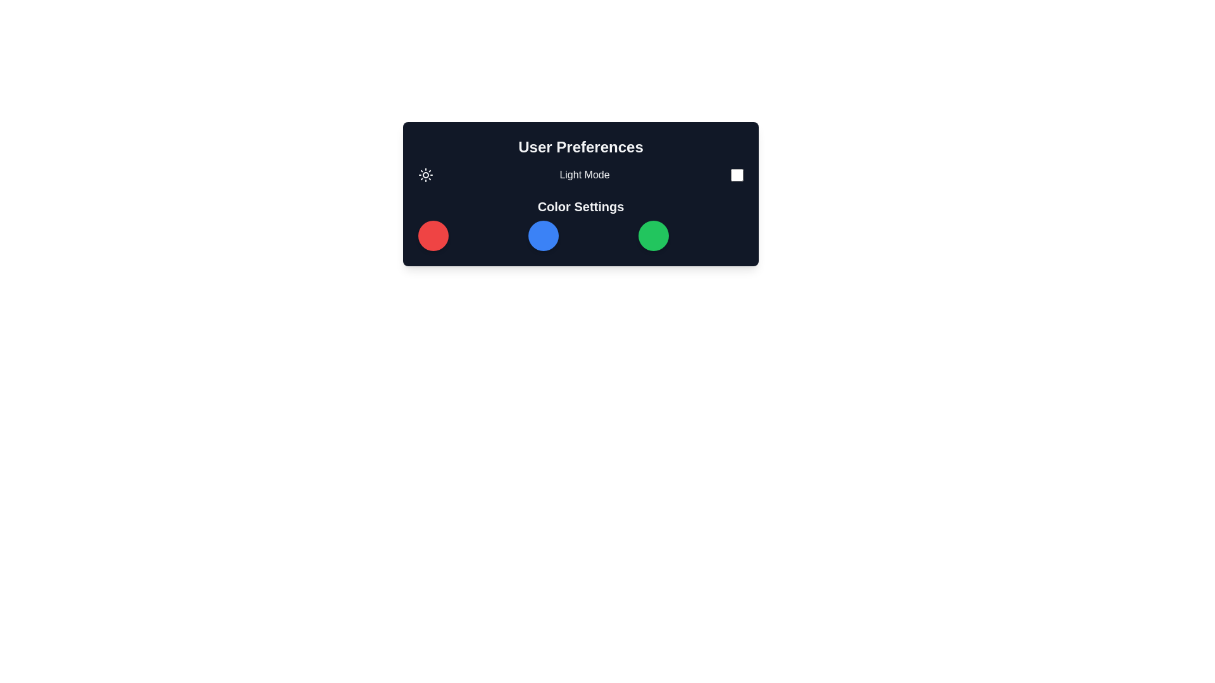 Image resolution: width=1215 pixels, height=683 pixels. Describe the element at coordinates (580, 223) in the screenshot. I see `the interactive circular buttons representing color choices in the 'Color Settings' section` at that location.